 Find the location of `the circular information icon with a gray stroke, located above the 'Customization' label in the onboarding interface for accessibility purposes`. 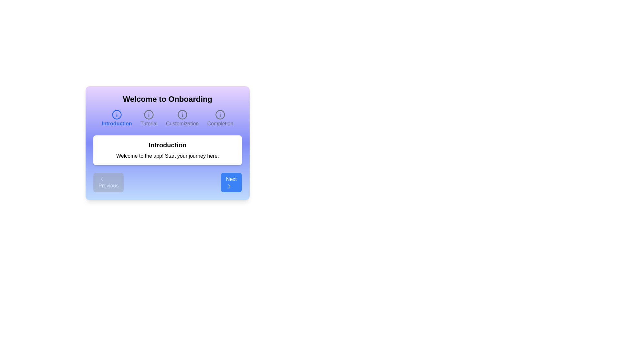

the circular information icon with a gray stroke, located above the 'Customization' label in the onboarding interface for accessibility purposes is located at coordinates (182, 114).